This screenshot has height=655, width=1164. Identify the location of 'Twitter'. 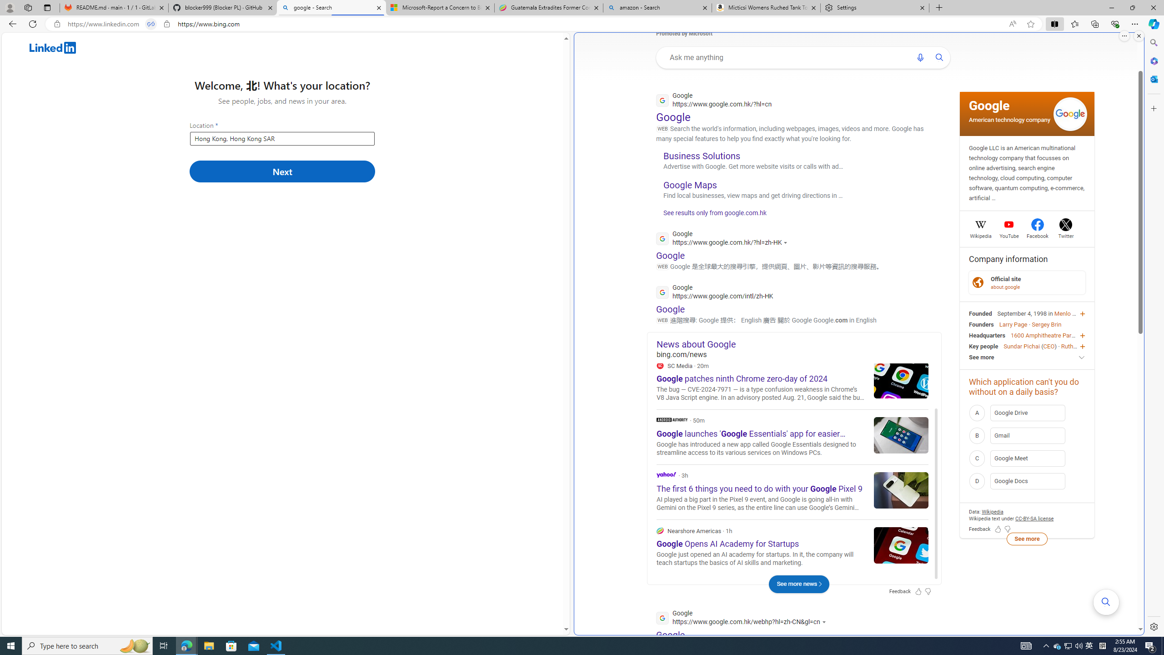
(1065, 235).